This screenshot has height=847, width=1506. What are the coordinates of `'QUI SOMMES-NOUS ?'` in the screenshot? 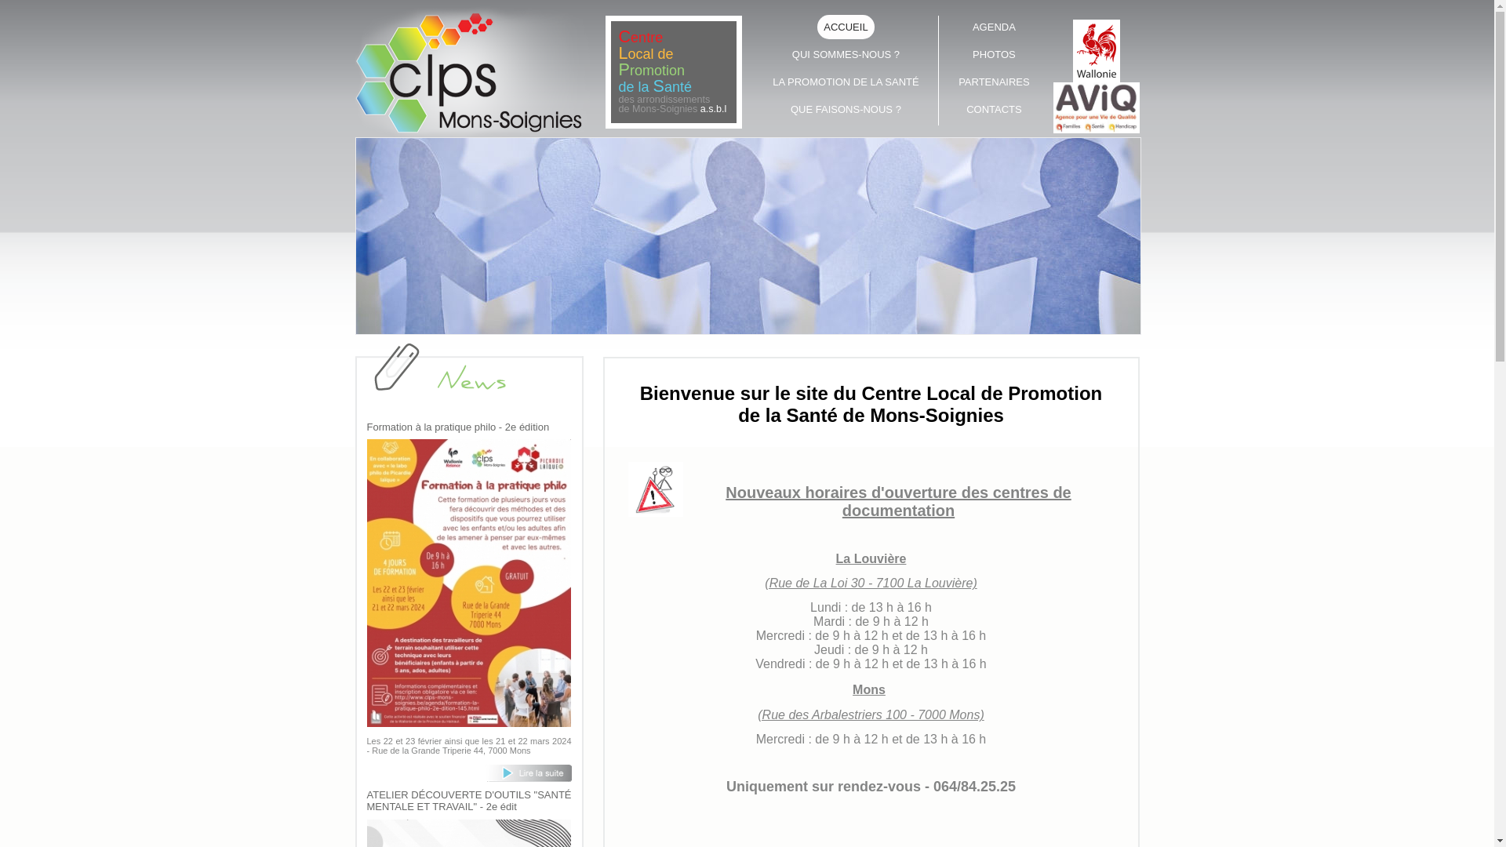 It's located at (846, 53).